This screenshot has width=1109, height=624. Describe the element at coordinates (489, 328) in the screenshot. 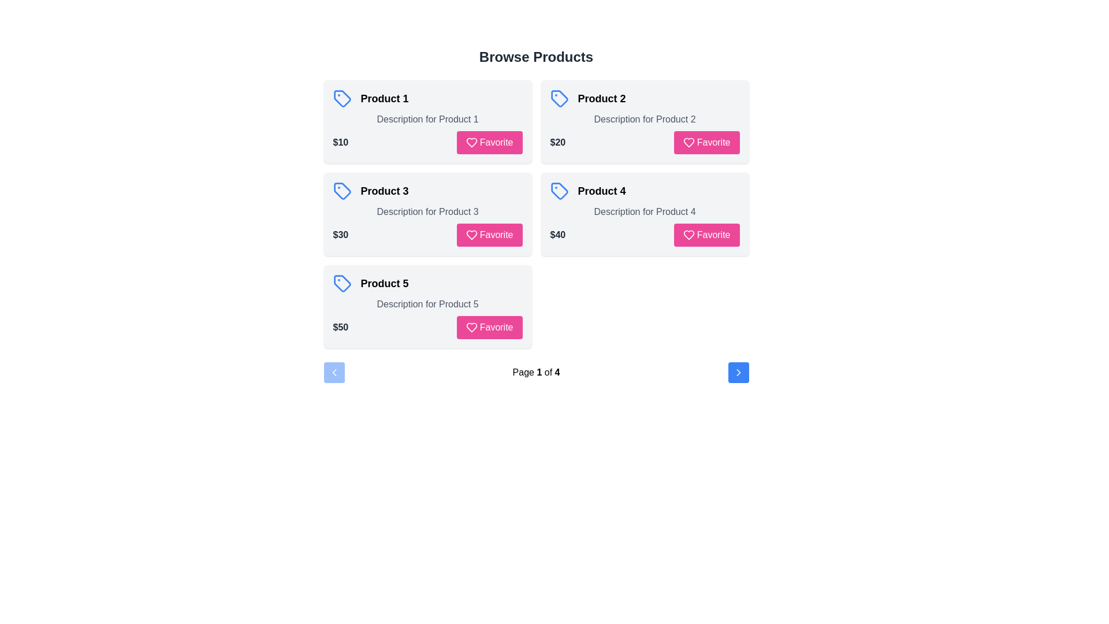

I see `the favorite button located at the bottom right corner of the fifth product card titled 'Product 5' to mark the item as a favorite` at that location.